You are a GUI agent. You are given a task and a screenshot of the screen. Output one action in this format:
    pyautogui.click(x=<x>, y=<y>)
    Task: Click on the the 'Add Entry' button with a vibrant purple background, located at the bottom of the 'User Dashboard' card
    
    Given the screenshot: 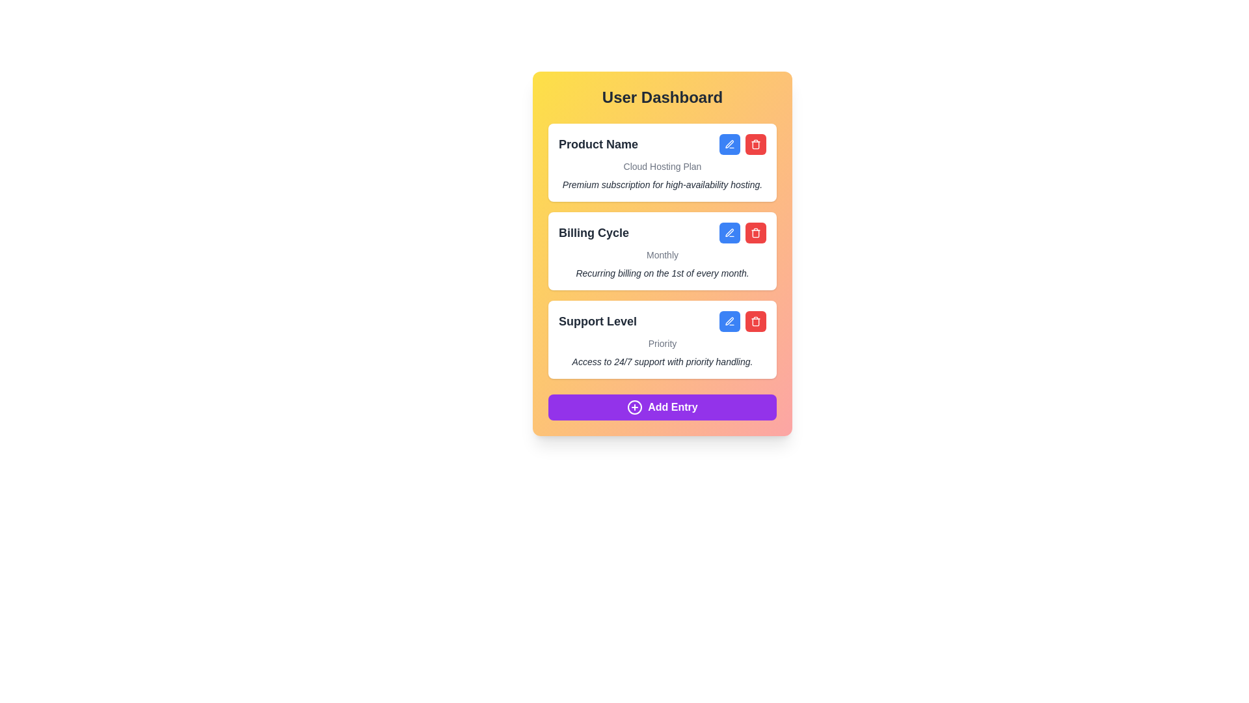 What is the action you would take?
    pyautogui.click(x=662, y=406)
    